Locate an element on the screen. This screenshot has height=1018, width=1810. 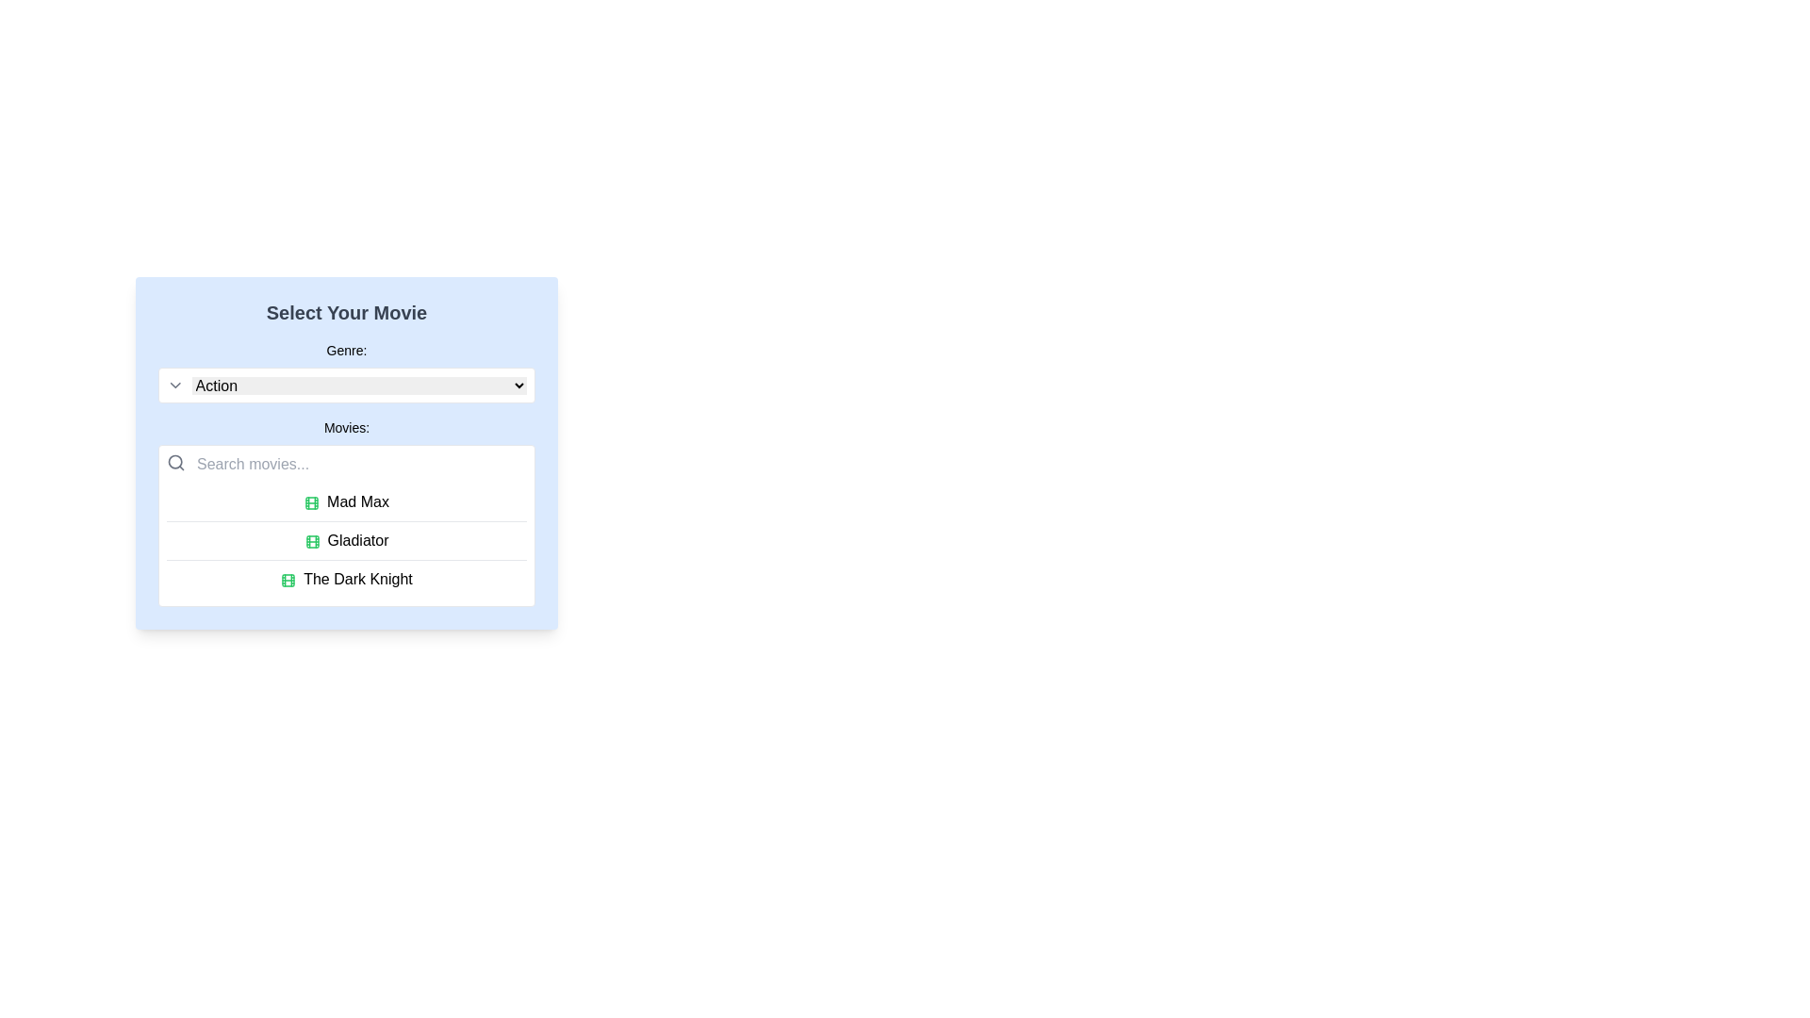
the selectable option for 'The Dark Knight' in the Movies list is located at coordinates (347, 578).